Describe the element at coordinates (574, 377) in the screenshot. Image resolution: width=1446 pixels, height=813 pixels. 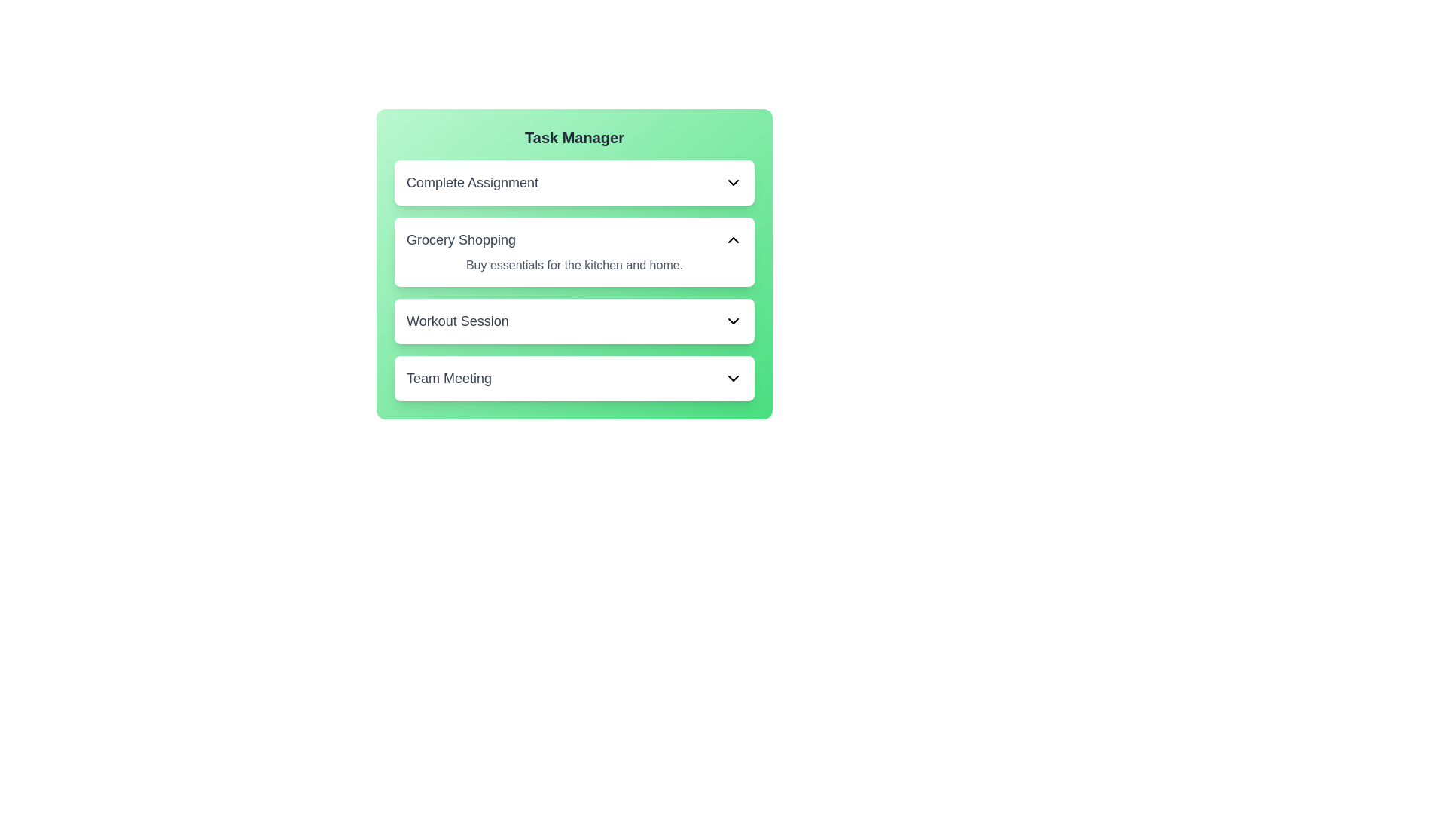
I see `the task card with title Team Meeting` at that location.